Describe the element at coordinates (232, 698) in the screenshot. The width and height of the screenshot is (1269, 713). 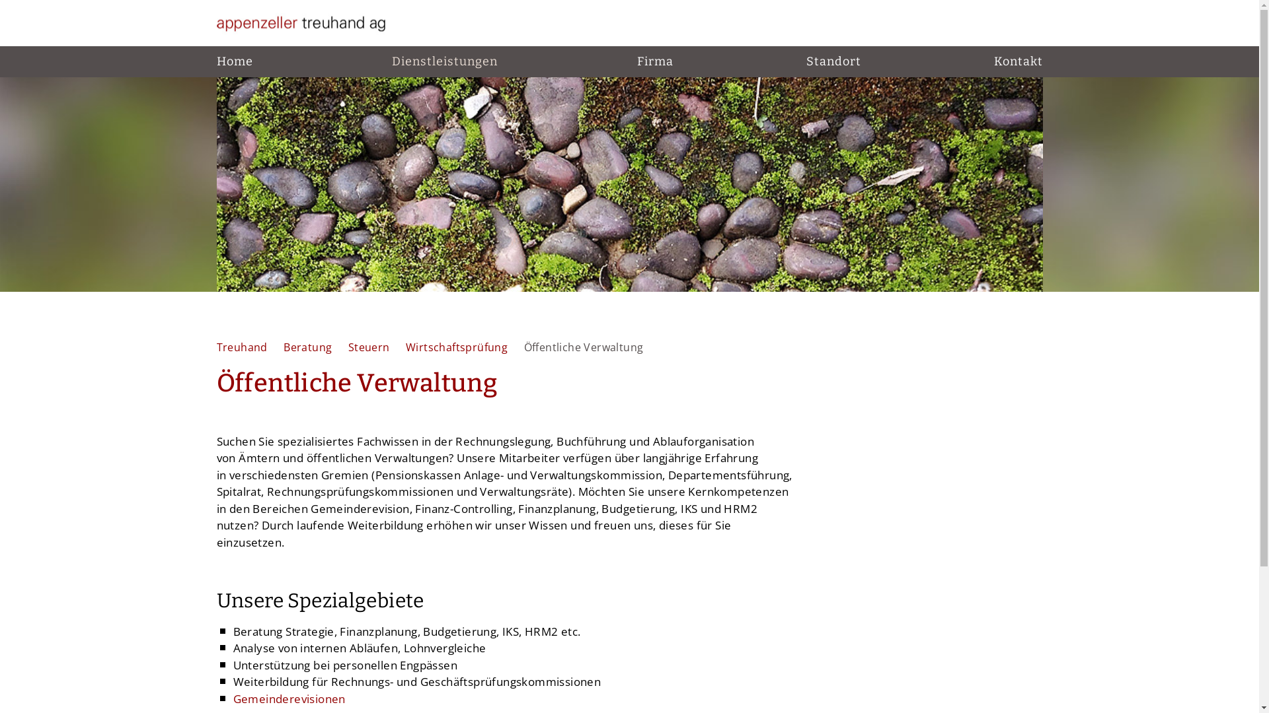
I see `'Gemeinderevisionen'` at that location.